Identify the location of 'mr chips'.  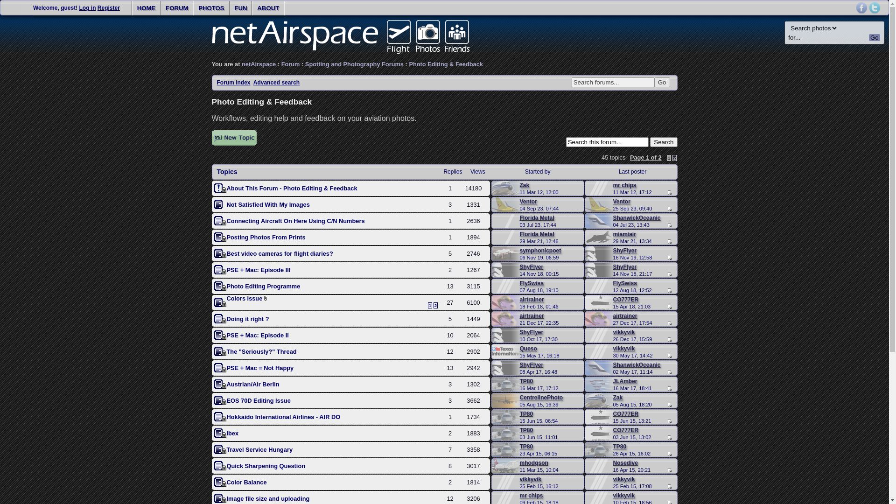
(613, 185).